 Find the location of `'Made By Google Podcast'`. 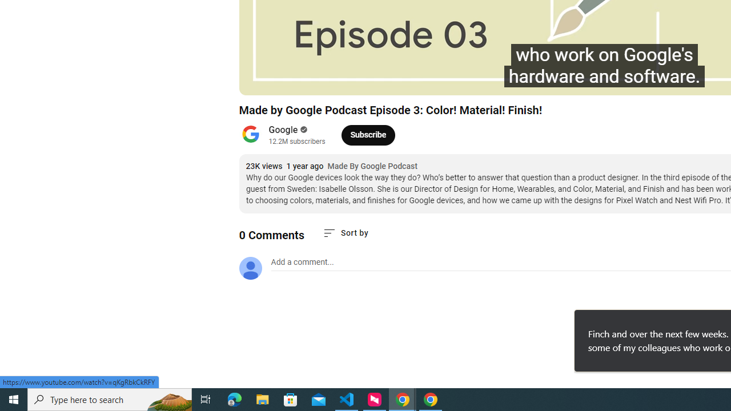

'Made By Google Podcast' is located at coordinates (372, 166).